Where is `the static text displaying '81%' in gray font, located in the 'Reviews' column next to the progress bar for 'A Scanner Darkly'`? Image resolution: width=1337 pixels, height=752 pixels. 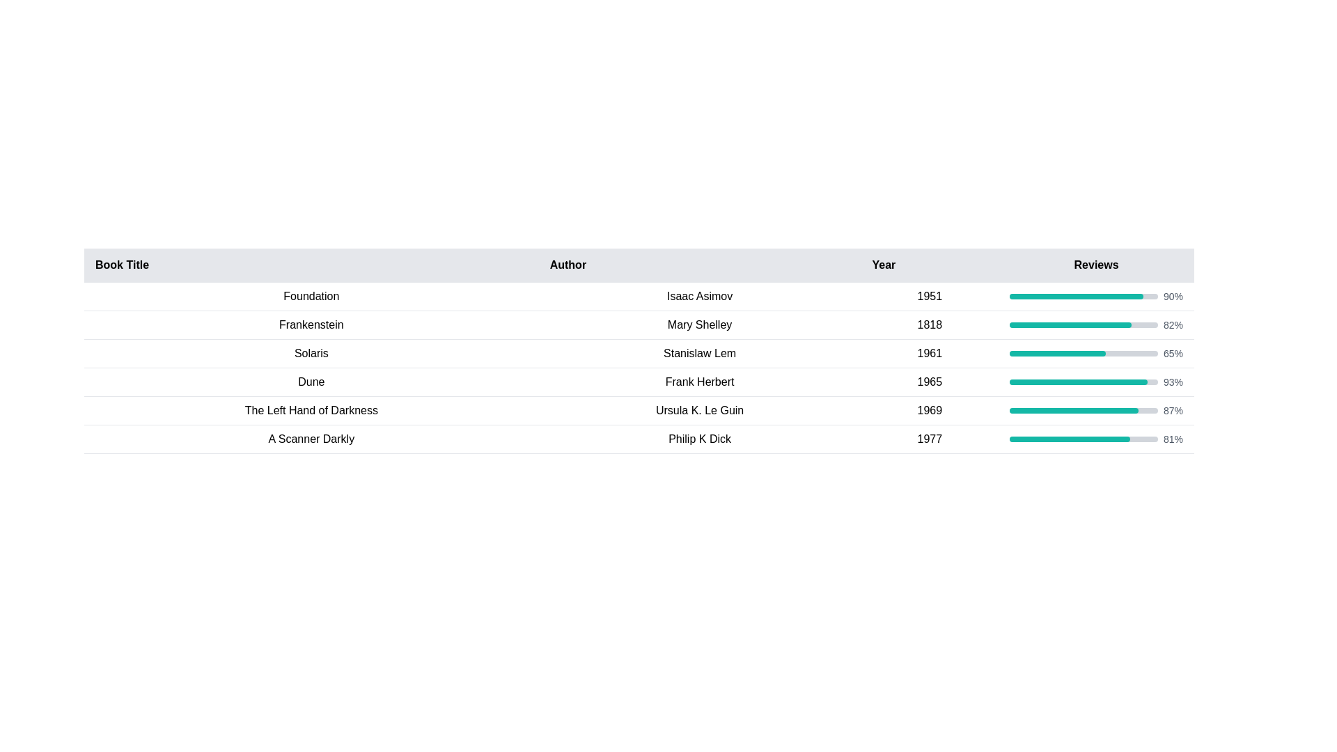
the static text displaying '81%' in gray font, located in the 'Reviews' column next to the progress bar for 'A Scanner Darkly' is located at coordinates (1172, 439).